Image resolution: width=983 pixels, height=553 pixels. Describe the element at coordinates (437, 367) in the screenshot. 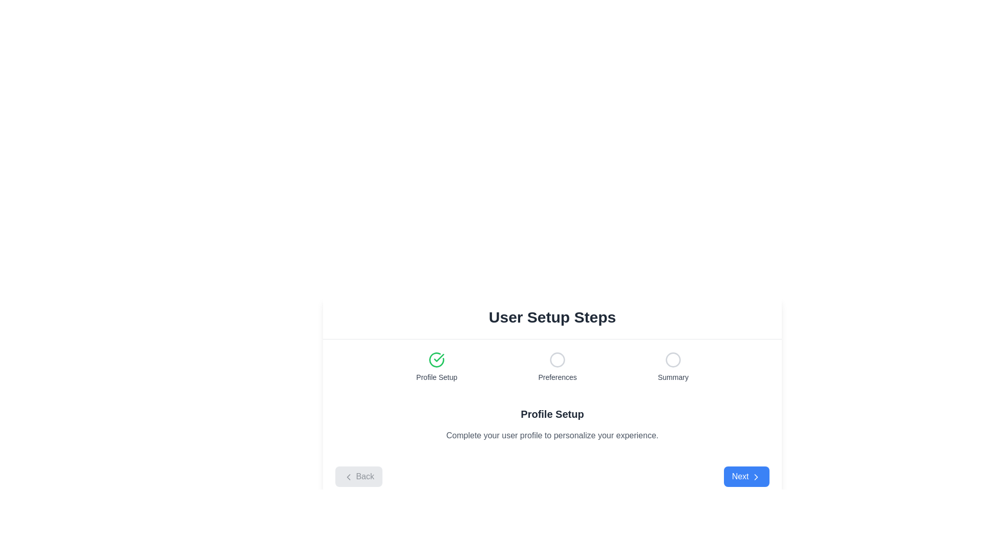

I see `the 'Profile Setup' step indicator, which visually indicates that this step has been completed in the user setup process` at that location.